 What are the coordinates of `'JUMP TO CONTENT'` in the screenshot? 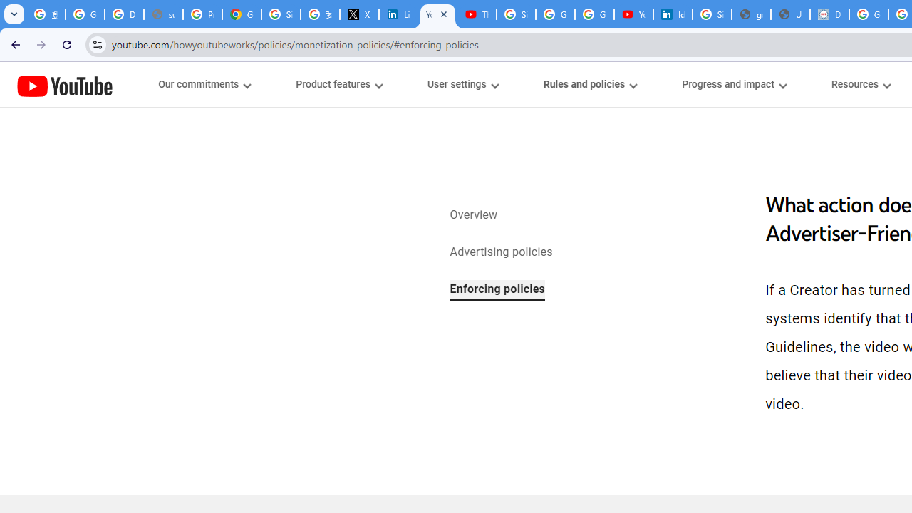 It's located at (149, 85).